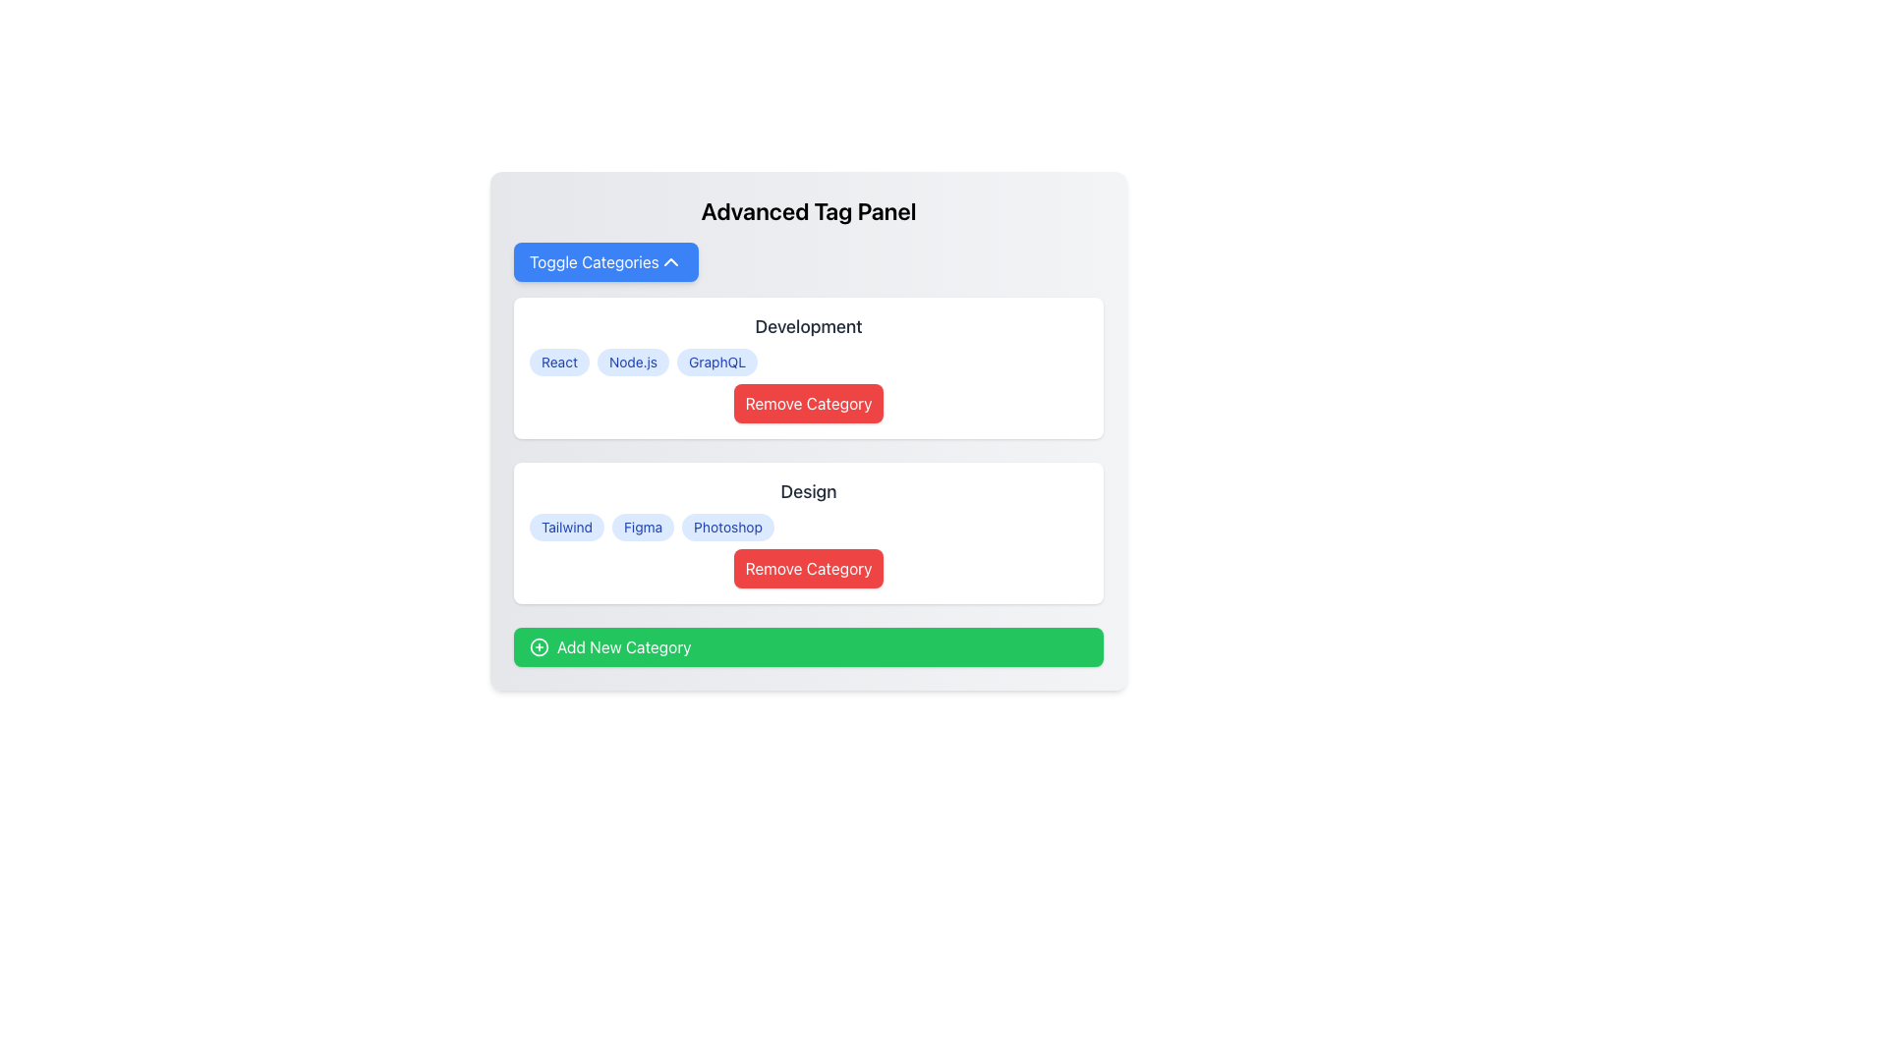 The image size is (1887, 1061). Describe the element at coordinates (727, 526) in the screenshot. I see `the non-interactive tag label for 'Photoshop', which is the third tag button in the horizontal sequence under the 'Design' category` at that location.